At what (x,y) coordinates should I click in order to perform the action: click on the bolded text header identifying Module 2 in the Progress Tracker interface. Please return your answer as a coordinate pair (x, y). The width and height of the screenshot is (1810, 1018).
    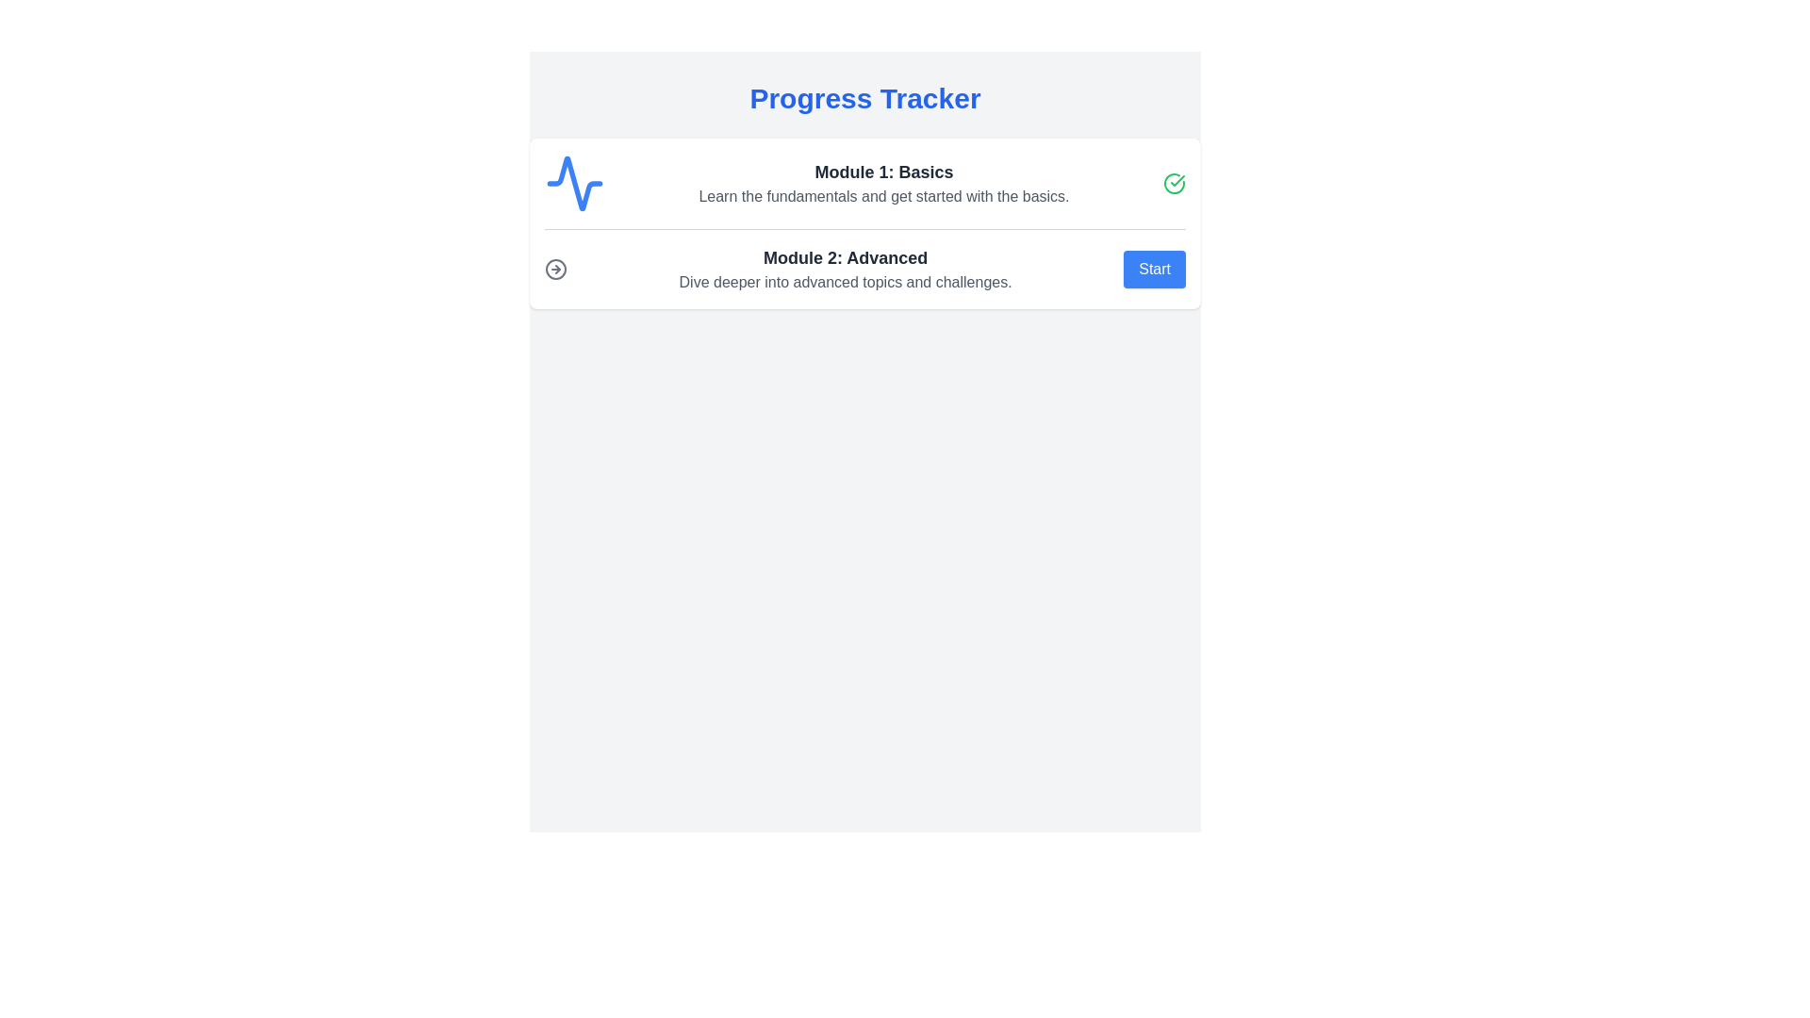
    Looking at the image, I should click on (845, 257).